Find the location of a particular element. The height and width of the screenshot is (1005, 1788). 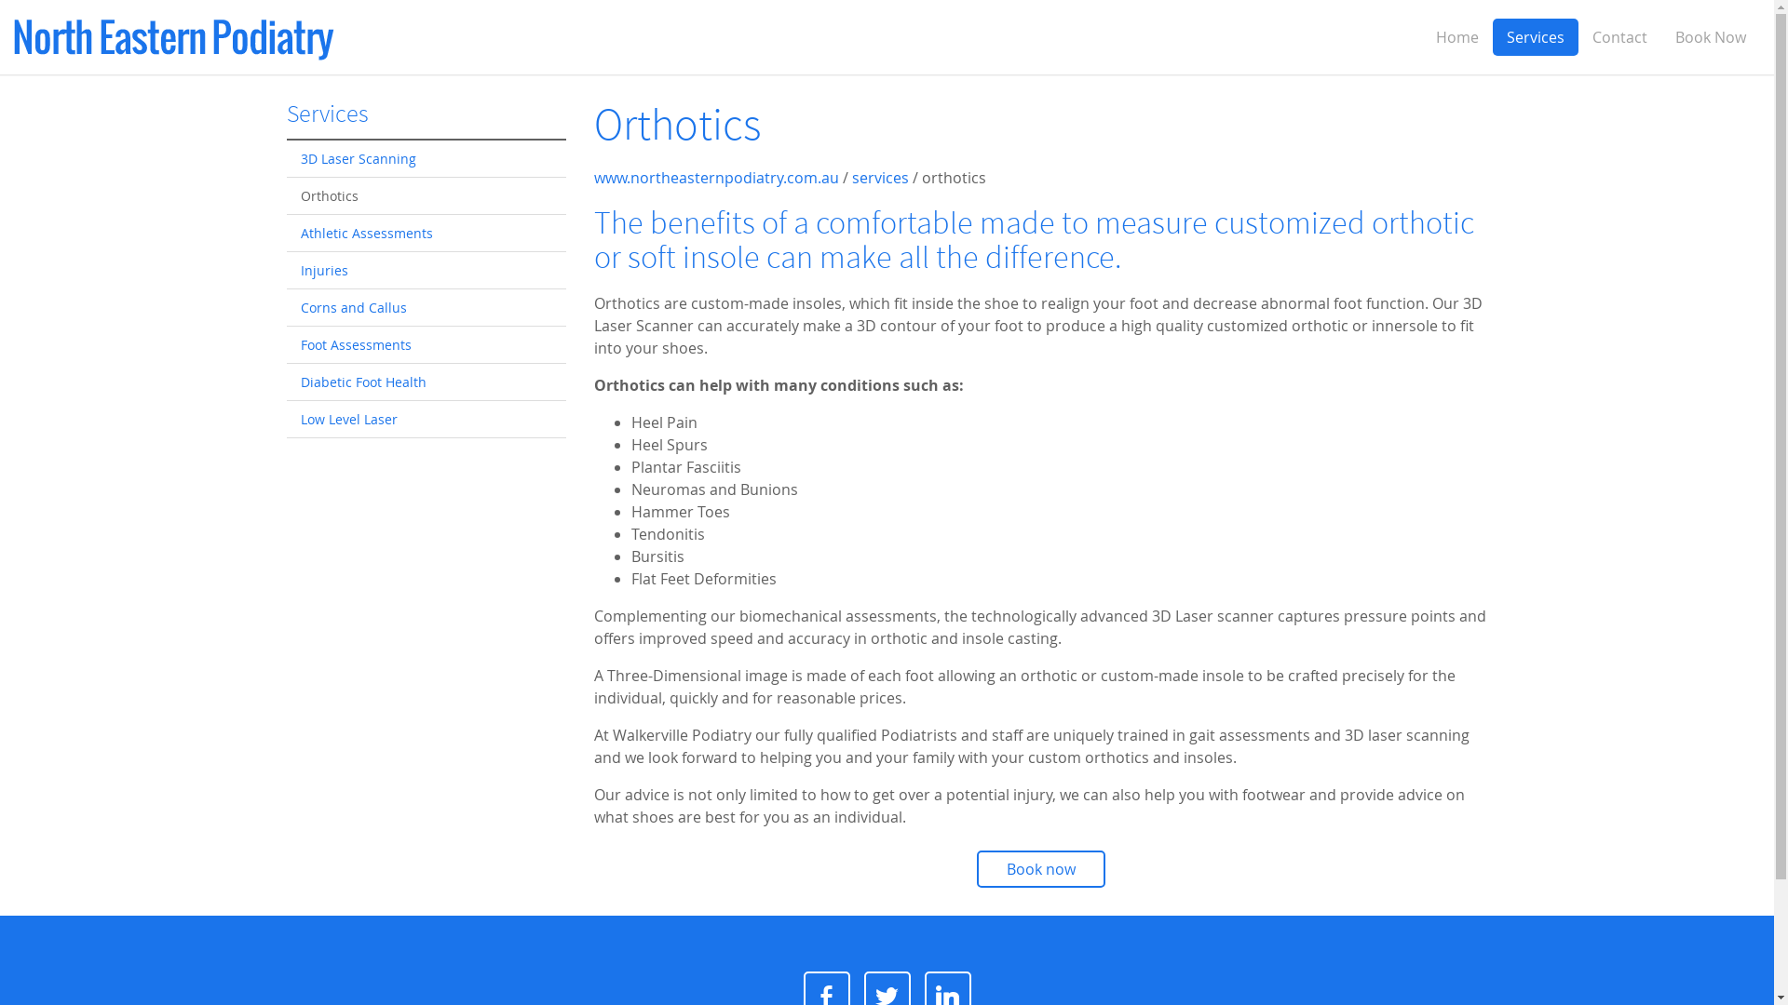

'Athletic Assessments' is located at coordinates (285, 232).